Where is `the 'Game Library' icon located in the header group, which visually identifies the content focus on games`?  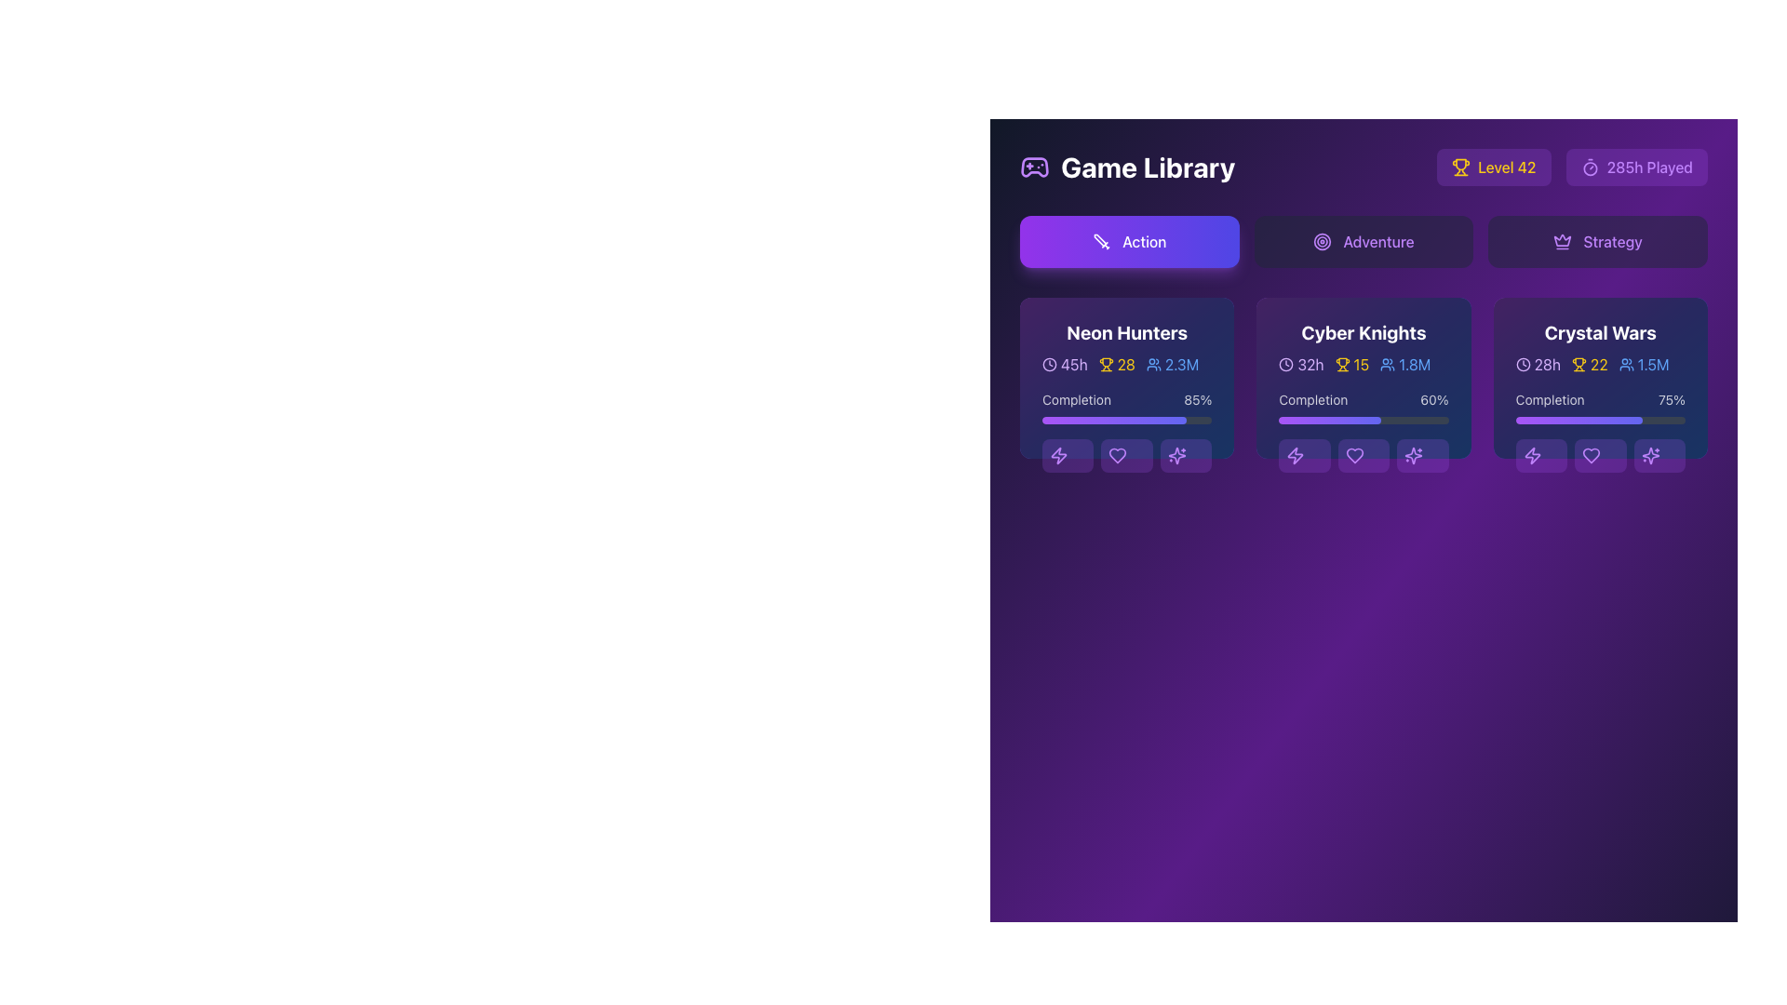 the 'Game Library' icon located in the header group, which visually identifies the content focus on games is located at coordinates (1034, 167).